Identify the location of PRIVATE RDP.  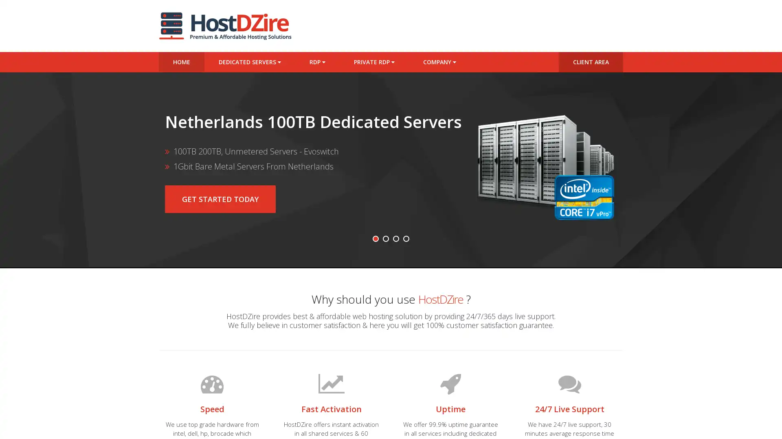
(373, 62).